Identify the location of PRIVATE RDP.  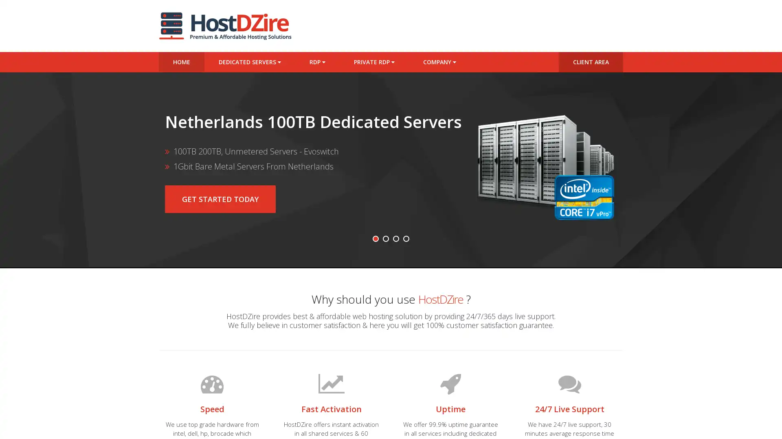
(373, 62).